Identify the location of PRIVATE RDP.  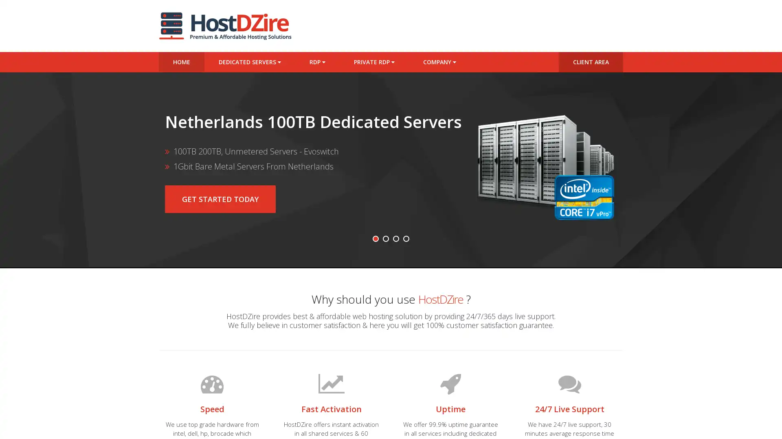
(373, 62).